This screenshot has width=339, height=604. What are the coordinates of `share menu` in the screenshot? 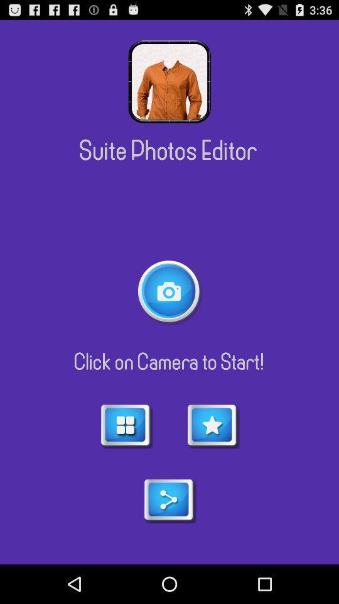 It's located at (169, 500).